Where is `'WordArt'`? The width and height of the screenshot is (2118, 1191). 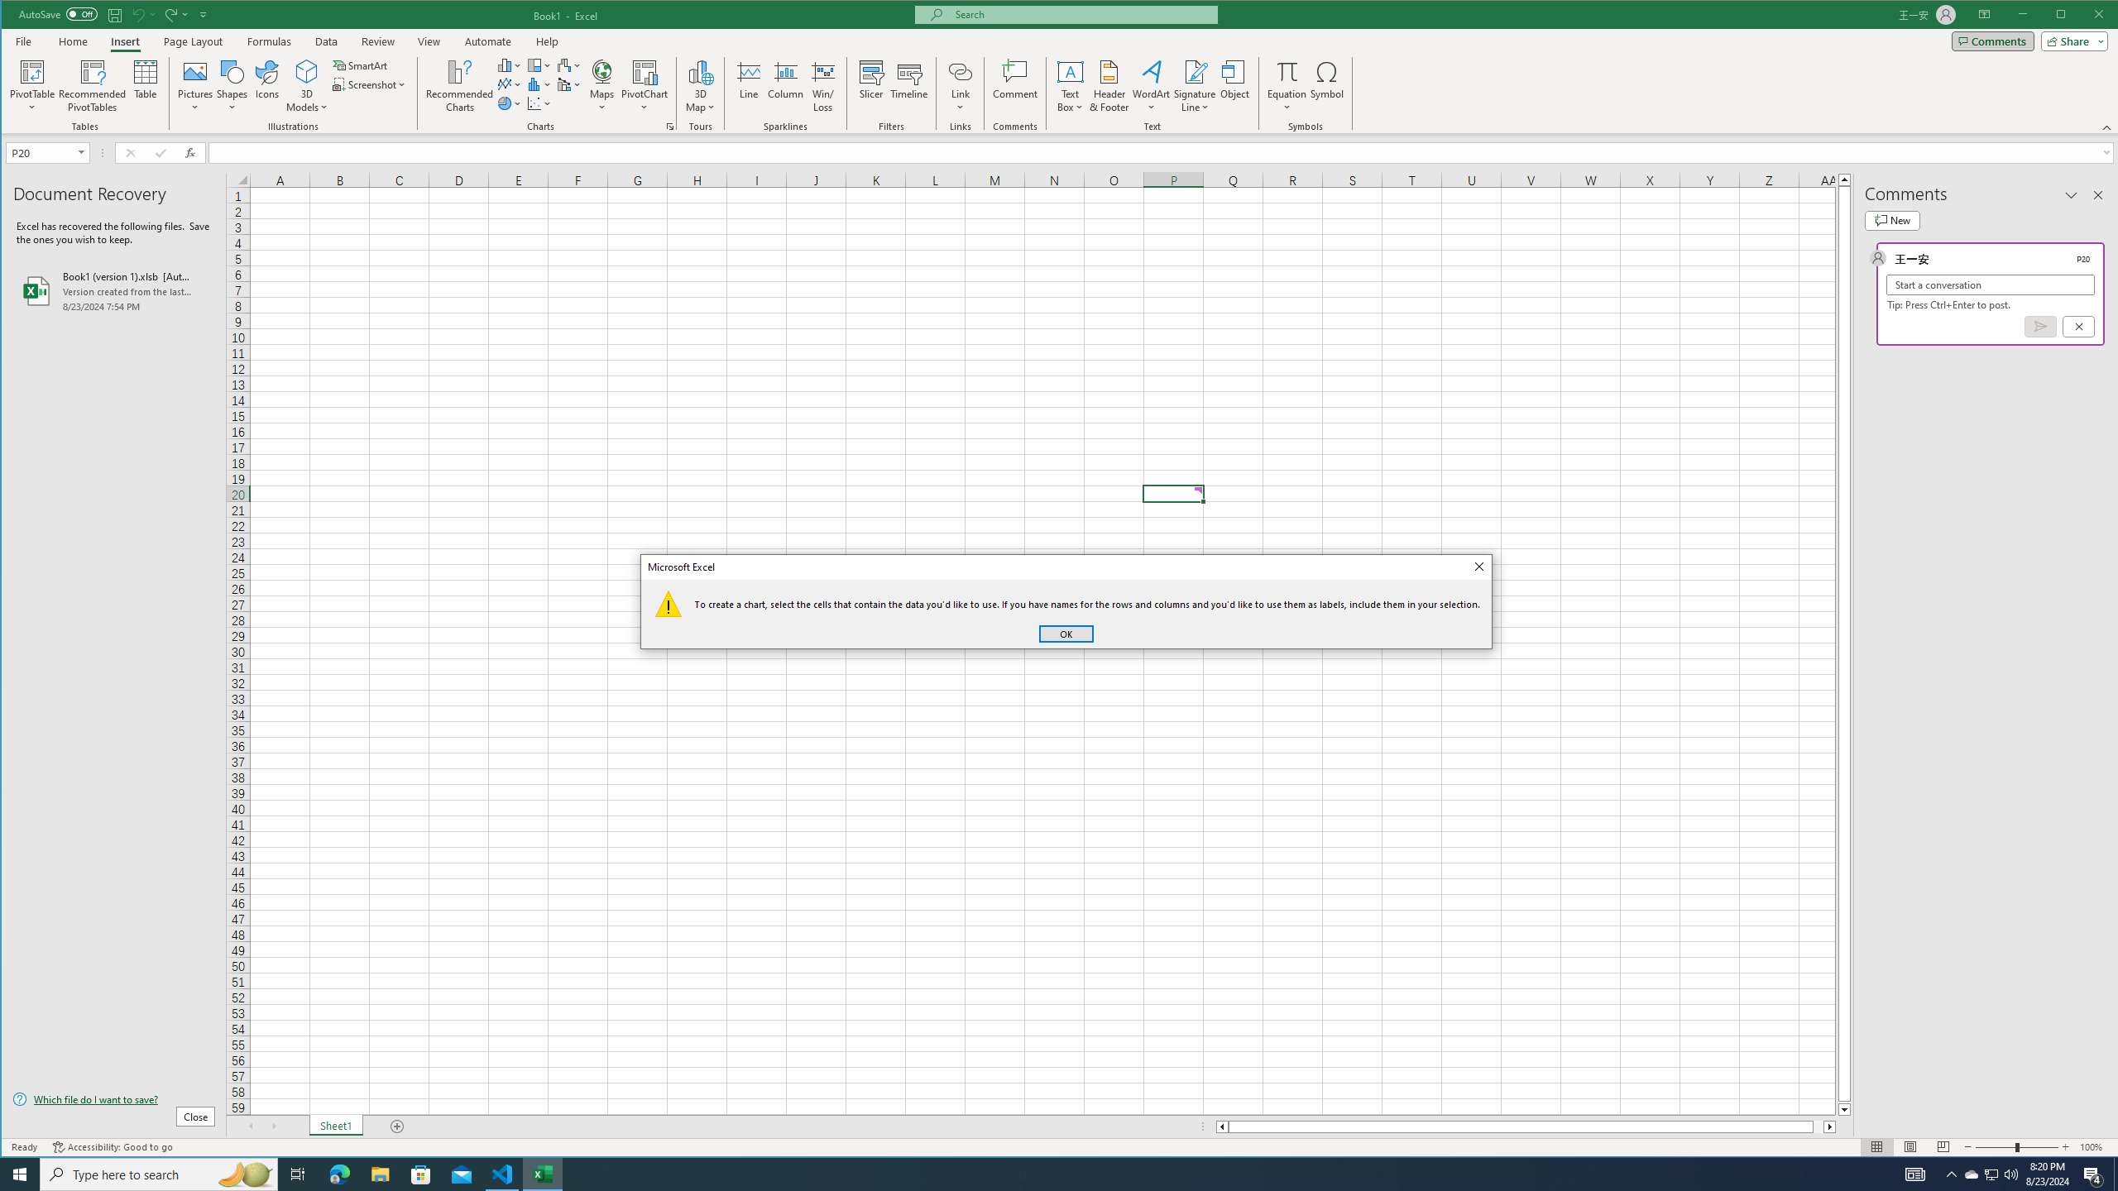 'WordArt' is located at coordinates (1151, 85).